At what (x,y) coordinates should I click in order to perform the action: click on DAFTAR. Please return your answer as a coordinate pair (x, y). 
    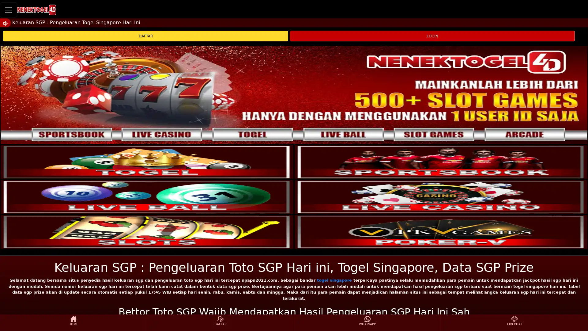
    Looking at the image, I should click on (145, 36).